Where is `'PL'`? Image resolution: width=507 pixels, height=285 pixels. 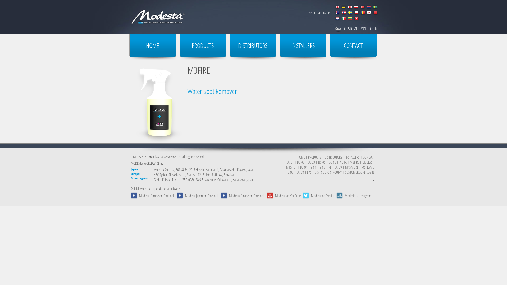
'PL' is located at coordinates (330, 167).